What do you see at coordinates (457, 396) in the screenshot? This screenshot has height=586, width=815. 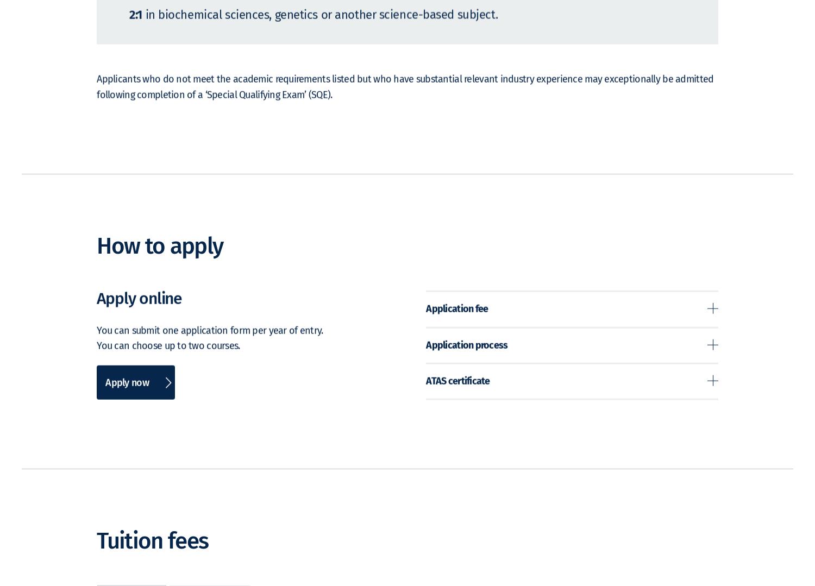 I see `'ATAS certificate'` at bounding box center [457, 396].